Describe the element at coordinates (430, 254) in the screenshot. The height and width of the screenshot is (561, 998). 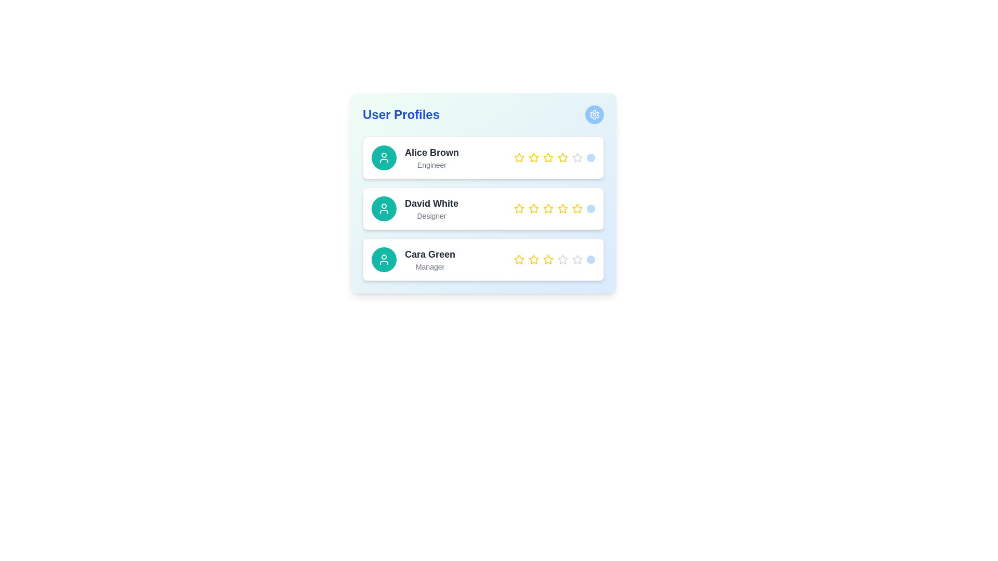
I see `assistive technologies` at that location.